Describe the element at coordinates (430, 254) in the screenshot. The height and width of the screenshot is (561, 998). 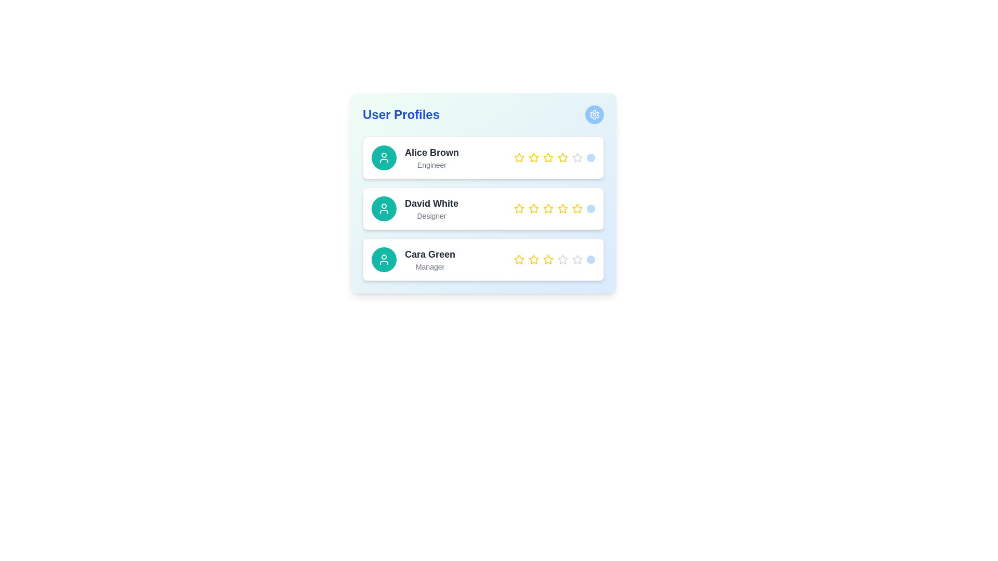
I see `assistive technologies` at that location.